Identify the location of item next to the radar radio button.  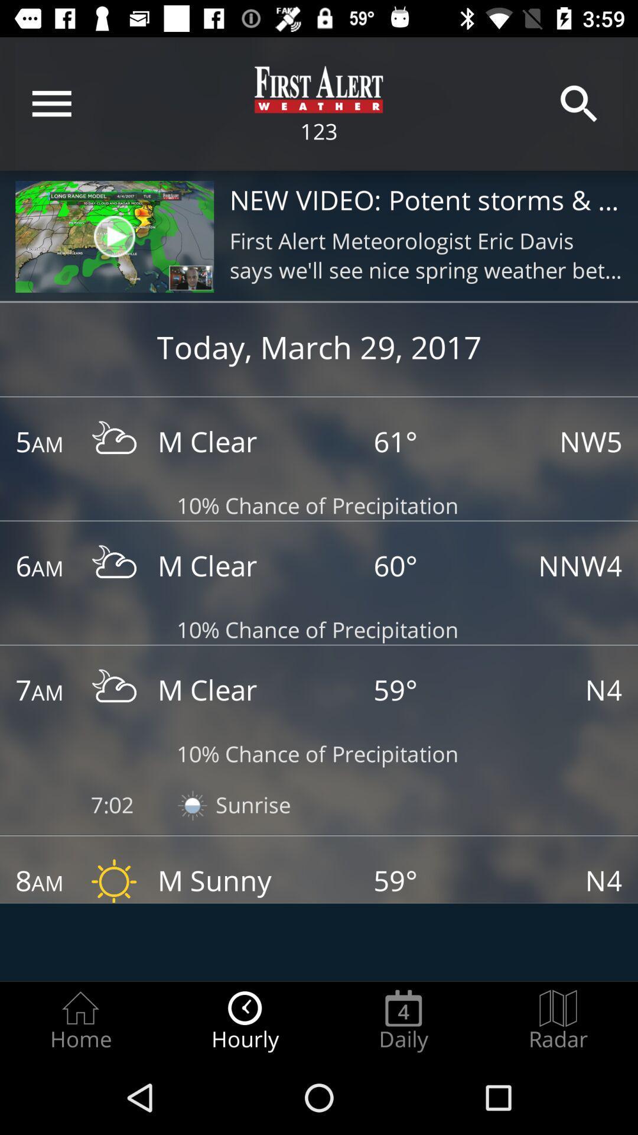
(403, 1020).